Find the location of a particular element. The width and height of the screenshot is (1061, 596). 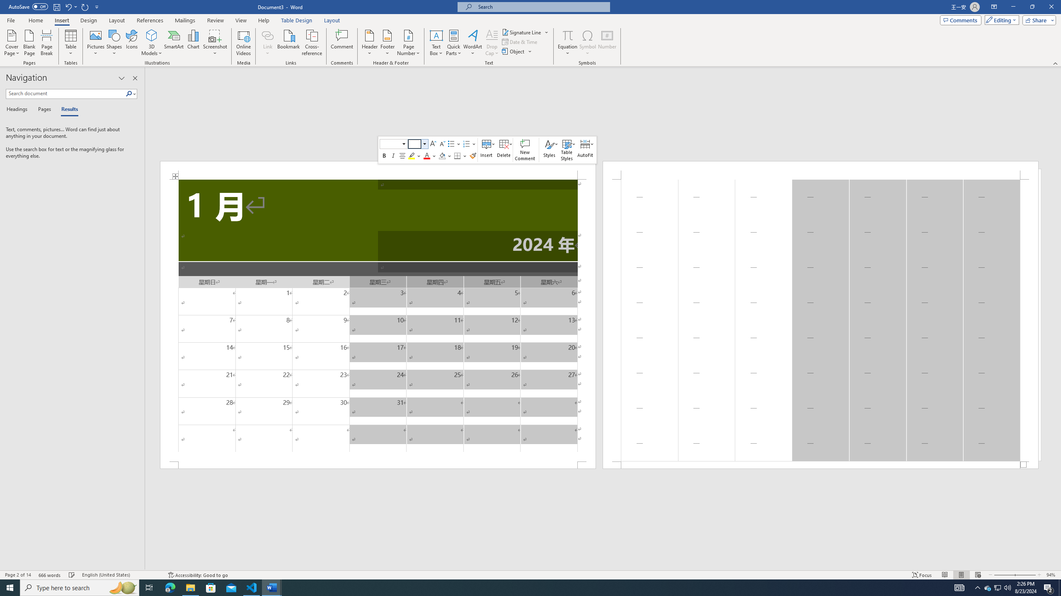

'Equation' is located at coordinates (567, 35).